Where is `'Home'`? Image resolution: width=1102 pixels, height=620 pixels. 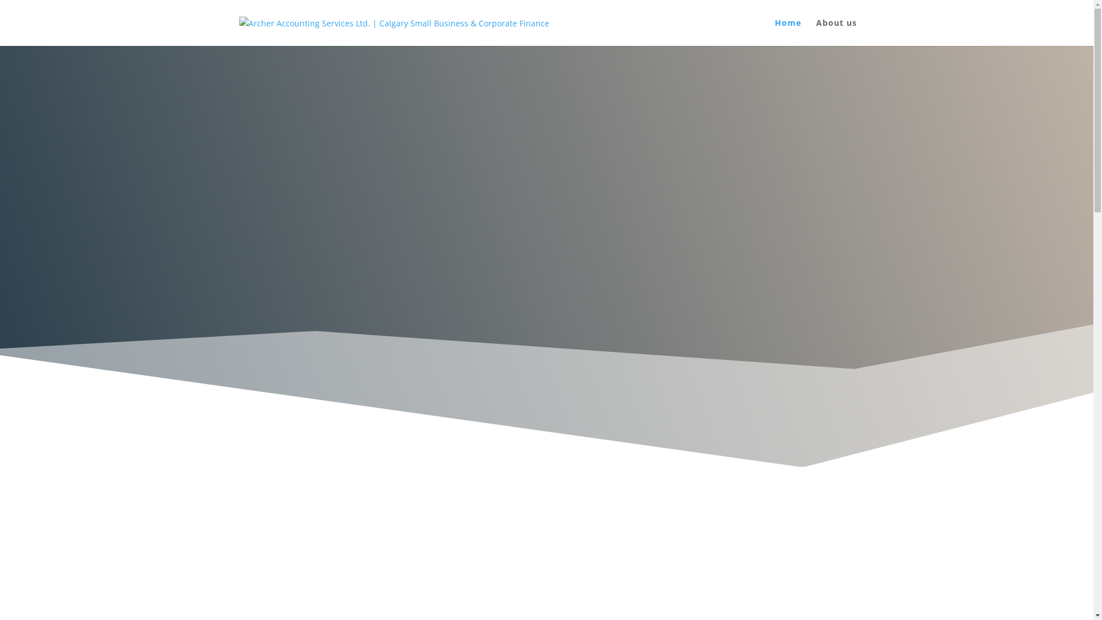 'Home' is located at coordinates (774, 32).